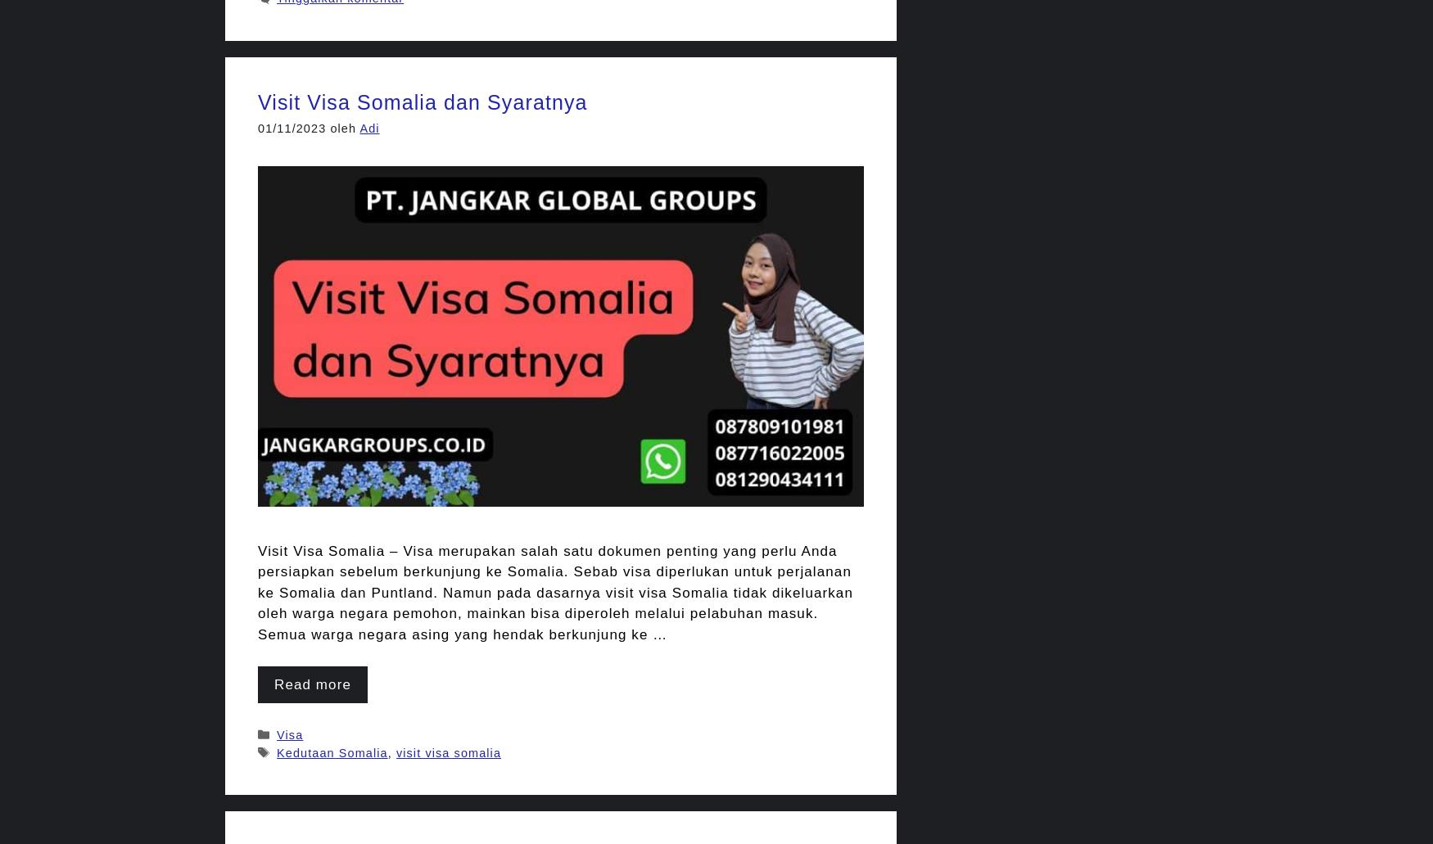 This screenshot has width=1433, height=844. What do you see at coordinates (447, 752) in the screenshot?
I see `'visit visa somalia'` at bounding box center [447, 752].